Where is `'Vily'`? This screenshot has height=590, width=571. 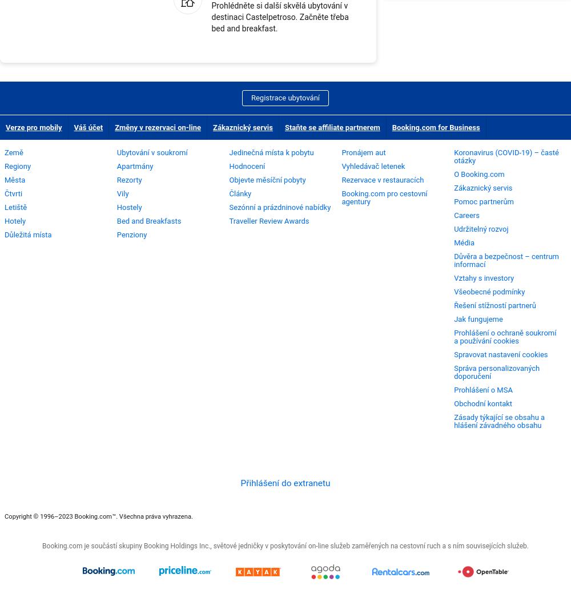
'Vily' is located at coordinates (122, 192).